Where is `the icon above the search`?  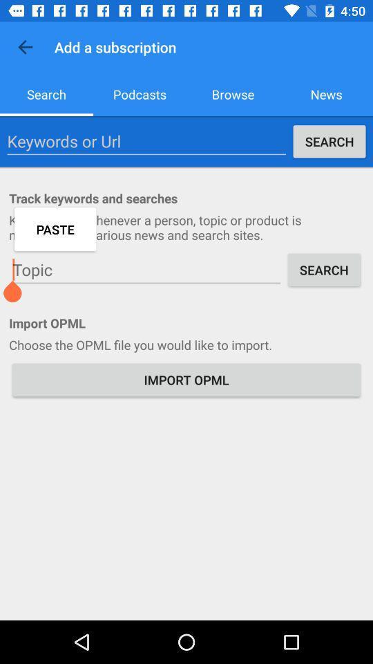 the icon above the search is located at coordinates (25, 47).